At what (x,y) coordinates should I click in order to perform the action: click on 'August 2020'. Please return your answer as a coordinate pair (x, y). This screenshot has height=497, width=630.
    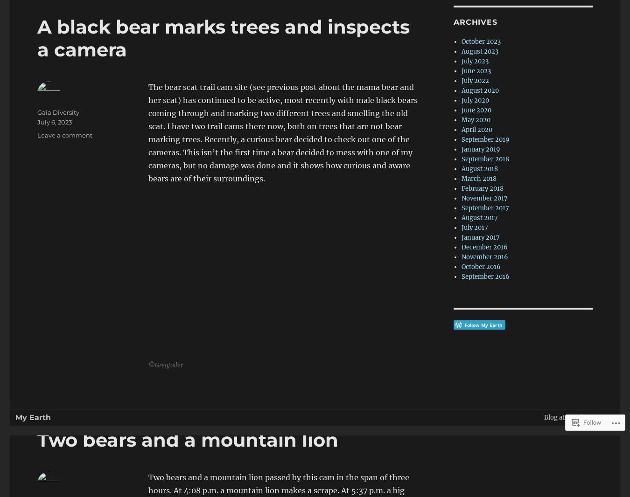
    Looking at the image, I should click on (480, 90).